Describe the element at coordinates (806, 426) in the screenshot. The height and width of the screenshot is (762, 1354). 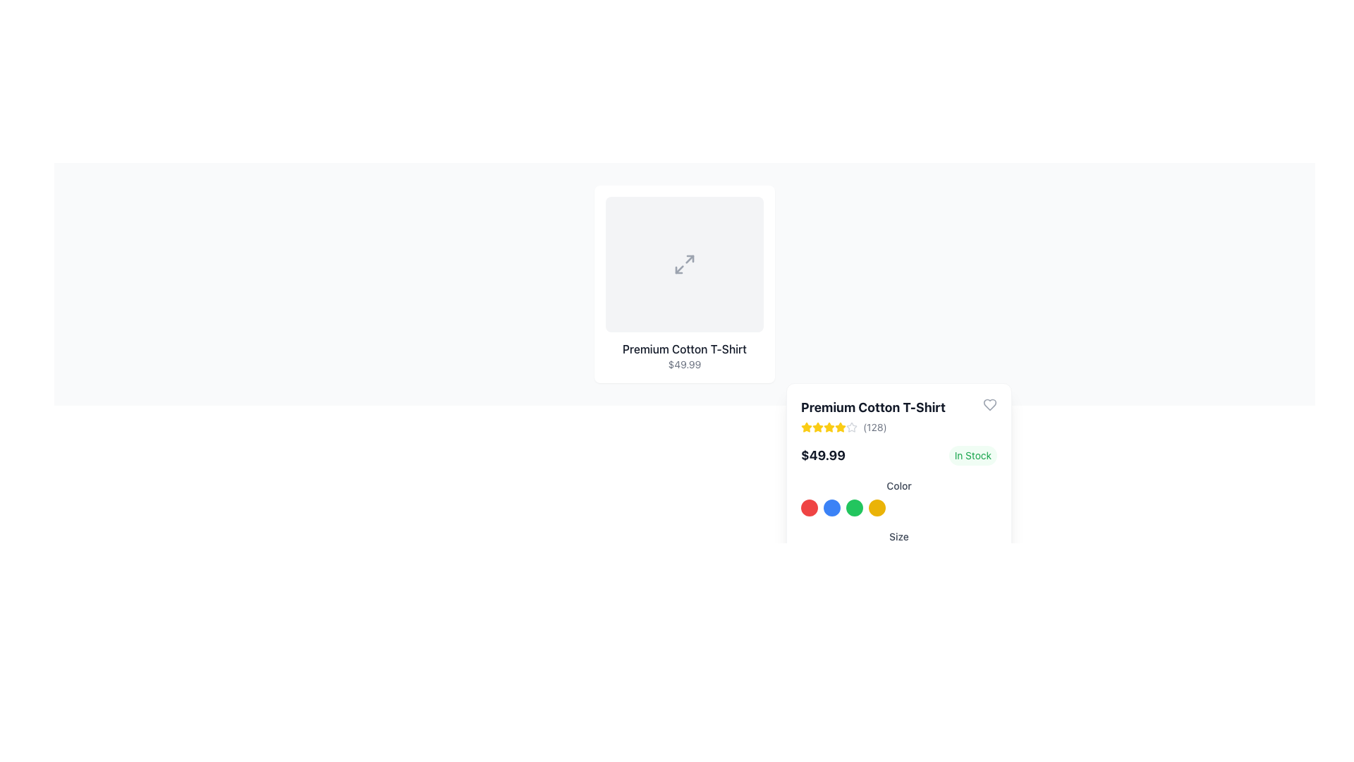
I see `the star icon representing the product's rating located at the top-right corner of the product details section` at that location.